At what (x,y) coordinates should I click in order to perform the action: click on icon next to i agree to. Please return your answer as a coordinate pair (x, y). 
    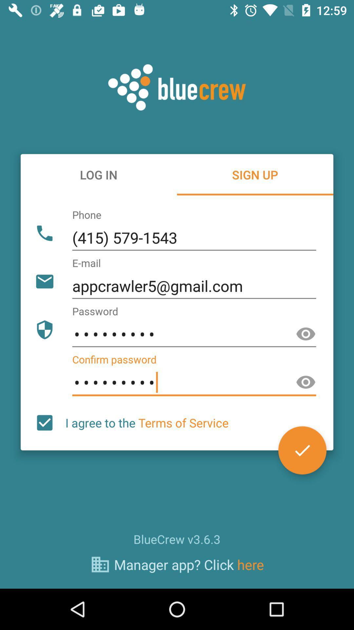
    Looking at the image, I should click on (302, 450).